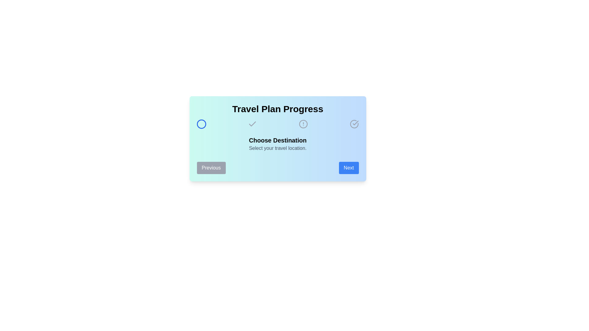 Image resolution: width=589 pixels, height=331 pixels. What do you see at coordinates (349, 168) in the screenshot?
I see `the 'Next' button to proceed to the next step` at bounding box center [349, 168].